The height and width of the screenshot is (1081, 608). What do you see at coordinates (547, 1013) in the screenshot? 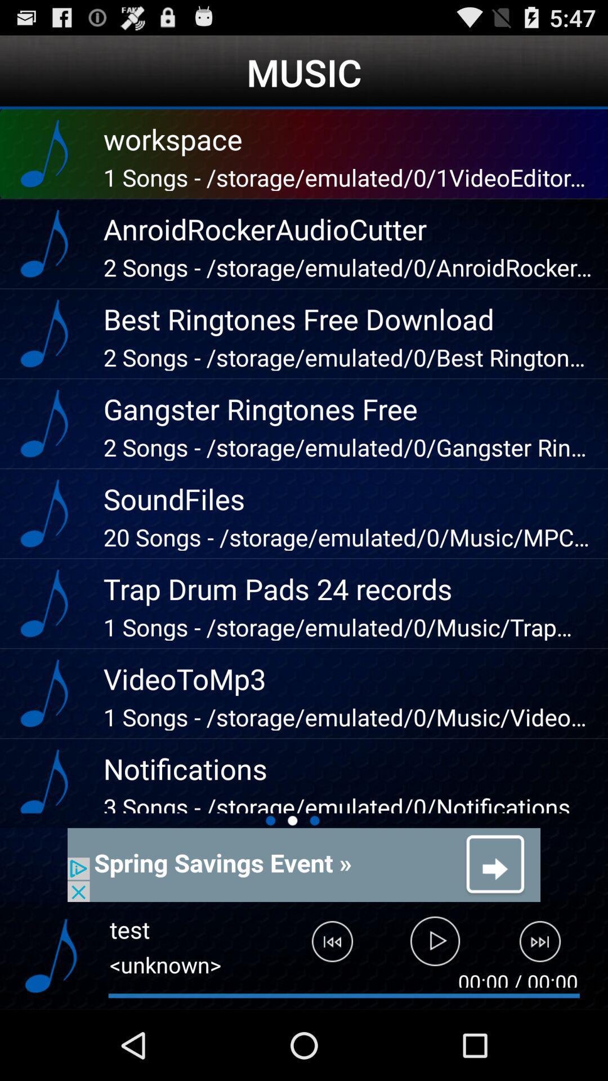
I see `the skip_next icon` at bounding box center [547, 1013].